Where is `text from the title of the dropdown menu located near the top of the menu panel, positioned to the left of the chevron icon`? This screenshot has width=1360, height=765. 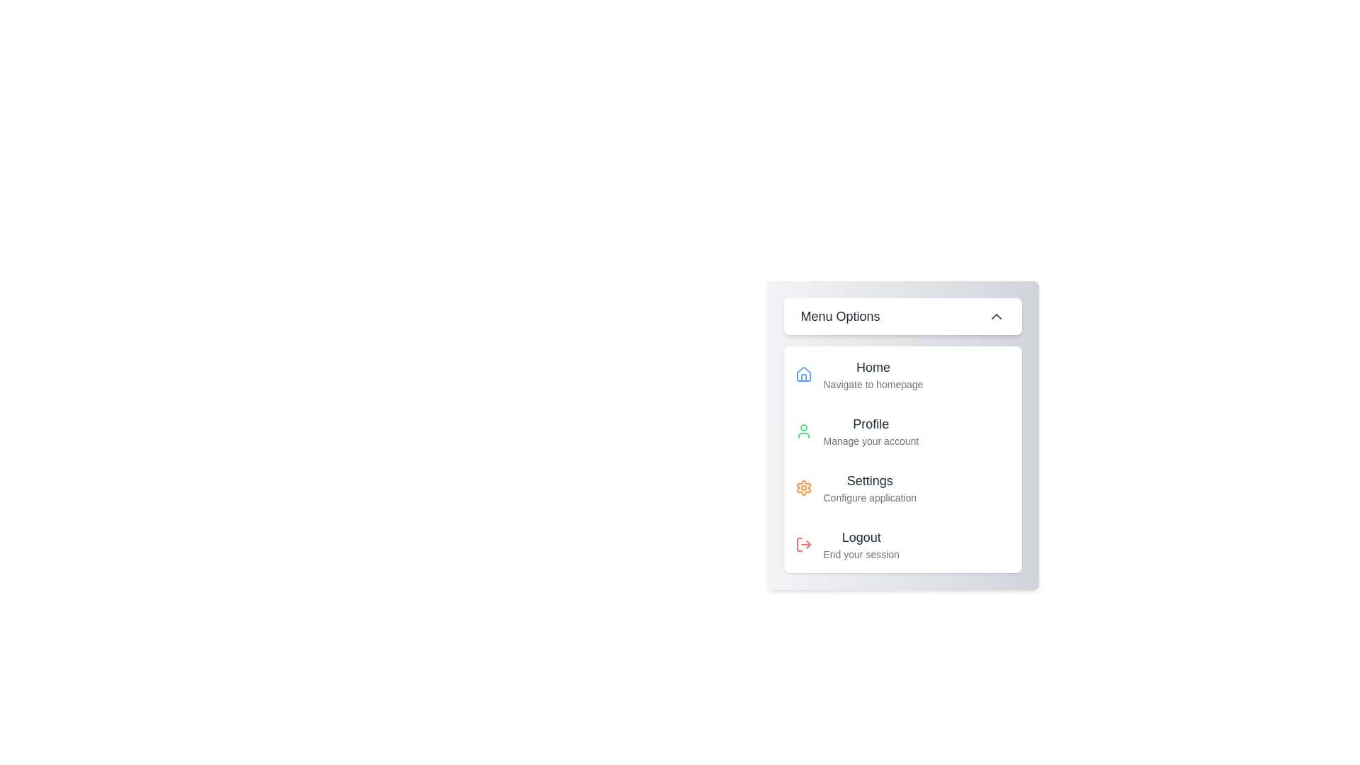
text from the title of the dropdown menu located near the top of the menu panel, positioned to the left of the chevron icon is located at coordinates (840, 316).